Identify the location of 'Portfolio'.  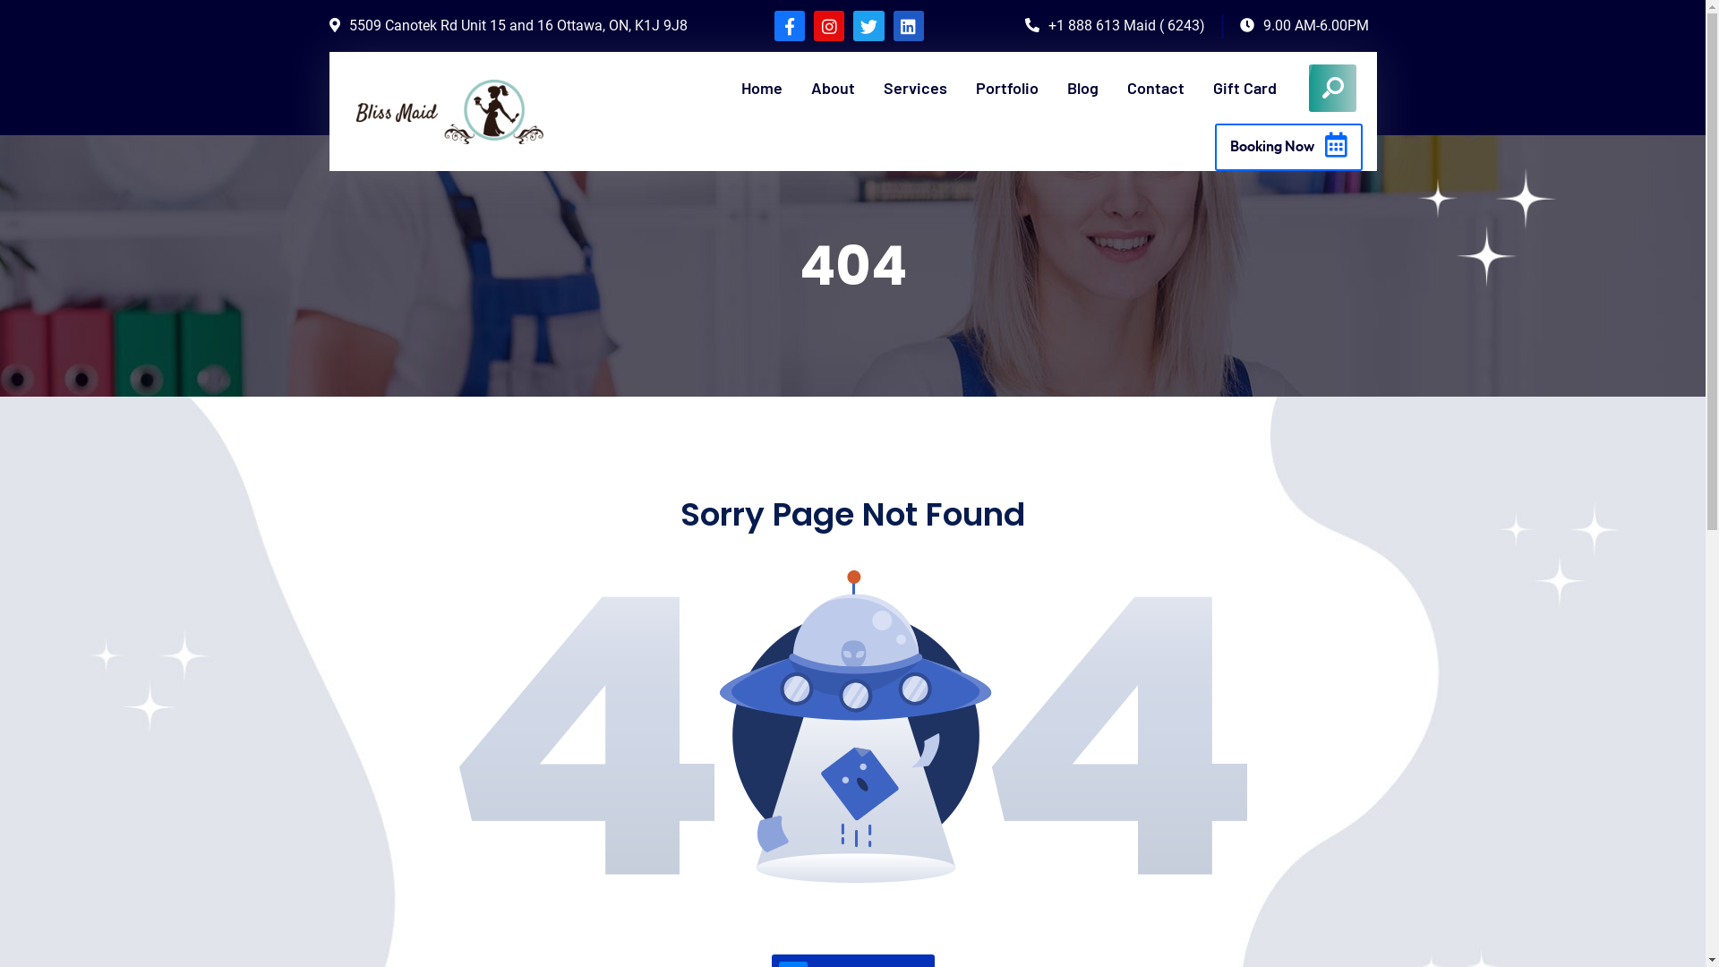
(1006, 87).